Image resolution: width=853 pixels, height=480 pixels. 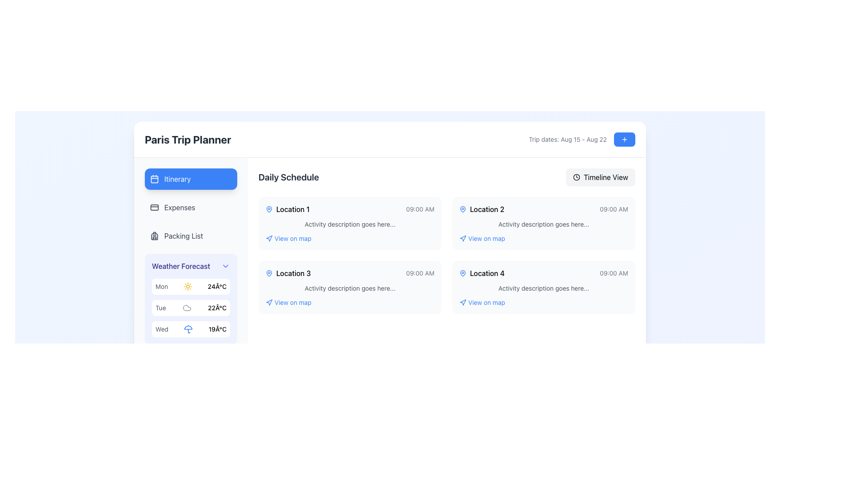 I want to click on the 'Timeline View' text label within the button component that has a rounded light gray background and includes a clock icon to the left, so click(x=605, y=177).